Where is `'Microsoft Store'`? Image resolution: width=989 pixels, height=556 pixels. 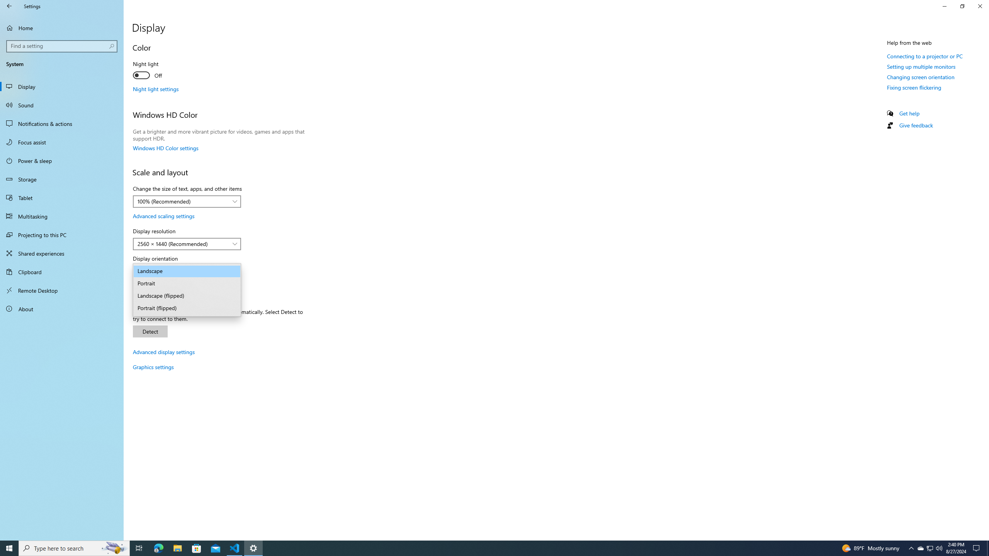 'Microsoft Store' is located at coordinates (197, 548).